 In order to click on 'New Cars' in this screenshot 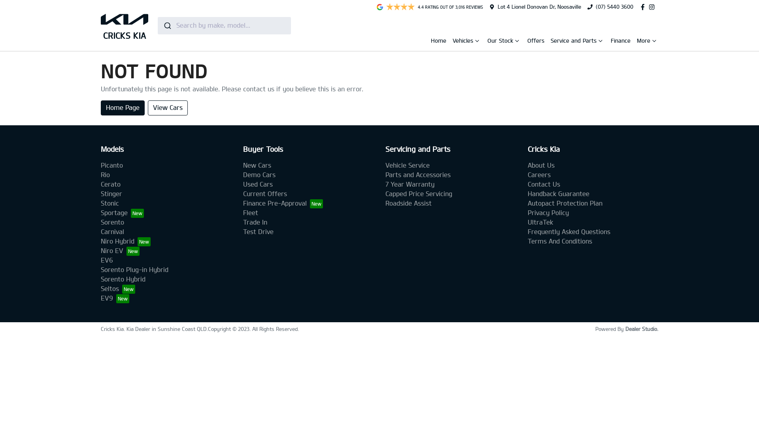, I will do `click(257, 165)`.